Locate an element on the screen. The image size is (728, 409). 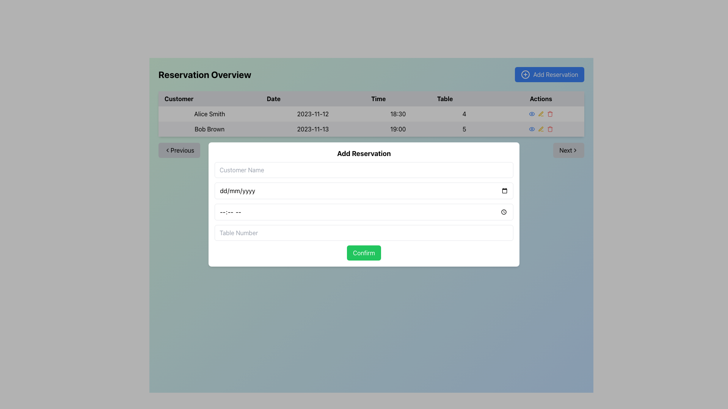
the 'Next' button, which has a gray background and a right-facing chevron icon is located at coordinates (568, 150).